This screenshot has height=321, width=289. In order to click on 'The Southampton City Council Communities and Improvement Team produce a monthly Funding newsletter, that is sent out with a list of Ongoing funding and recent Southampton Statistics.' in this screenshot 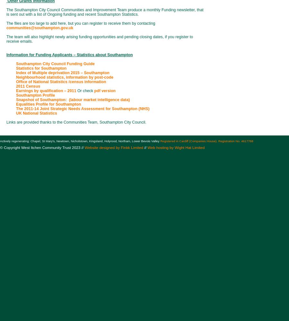, I will do `click(104, 12)`.